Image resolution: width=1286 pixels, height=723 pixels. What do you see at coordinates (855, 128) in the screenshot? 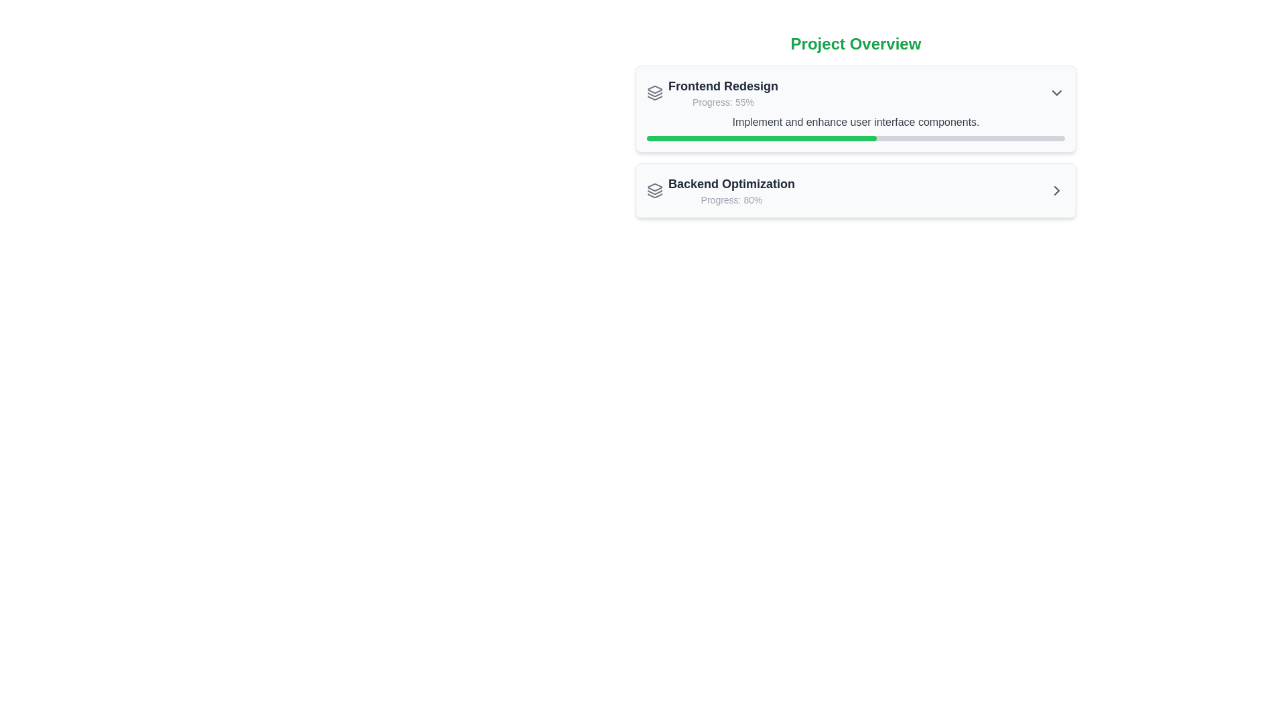
I see `the progress bar located below the text 'Progress: 55%' within the card titled 'Frontend Redesign'` at bounding box center [855, 128].